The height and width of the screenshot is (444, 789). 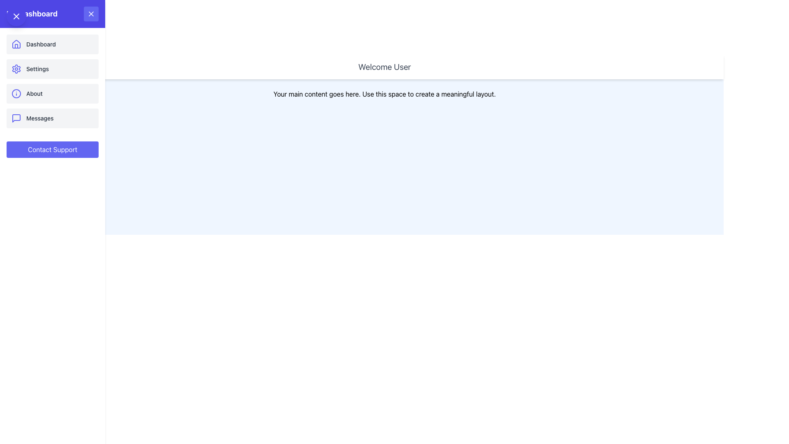 I want to click on the 'Messages' text label, which is the third label in the vertical navigation bar, situated below the 'About' label and above the 'Contact Support' button, so click(x=39, y=118).